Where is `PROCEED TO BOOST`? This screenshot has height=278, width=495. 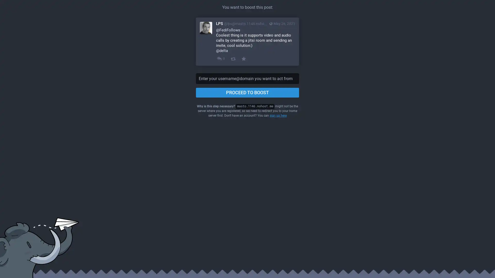
PROCEED TO BOOST is located at coordinates (247, 92).